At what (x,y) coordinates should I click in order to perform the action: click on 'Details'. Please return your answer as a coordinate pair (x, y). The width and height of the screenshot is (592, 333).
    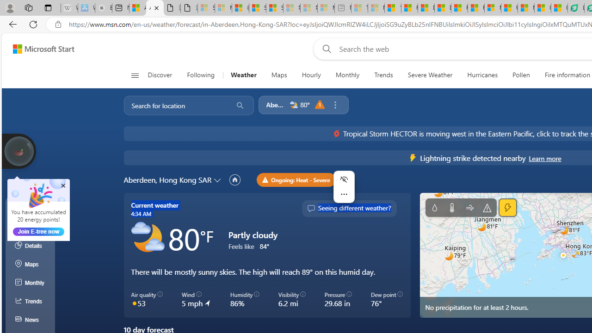
    Looking at the image, I should click on (30, 245).